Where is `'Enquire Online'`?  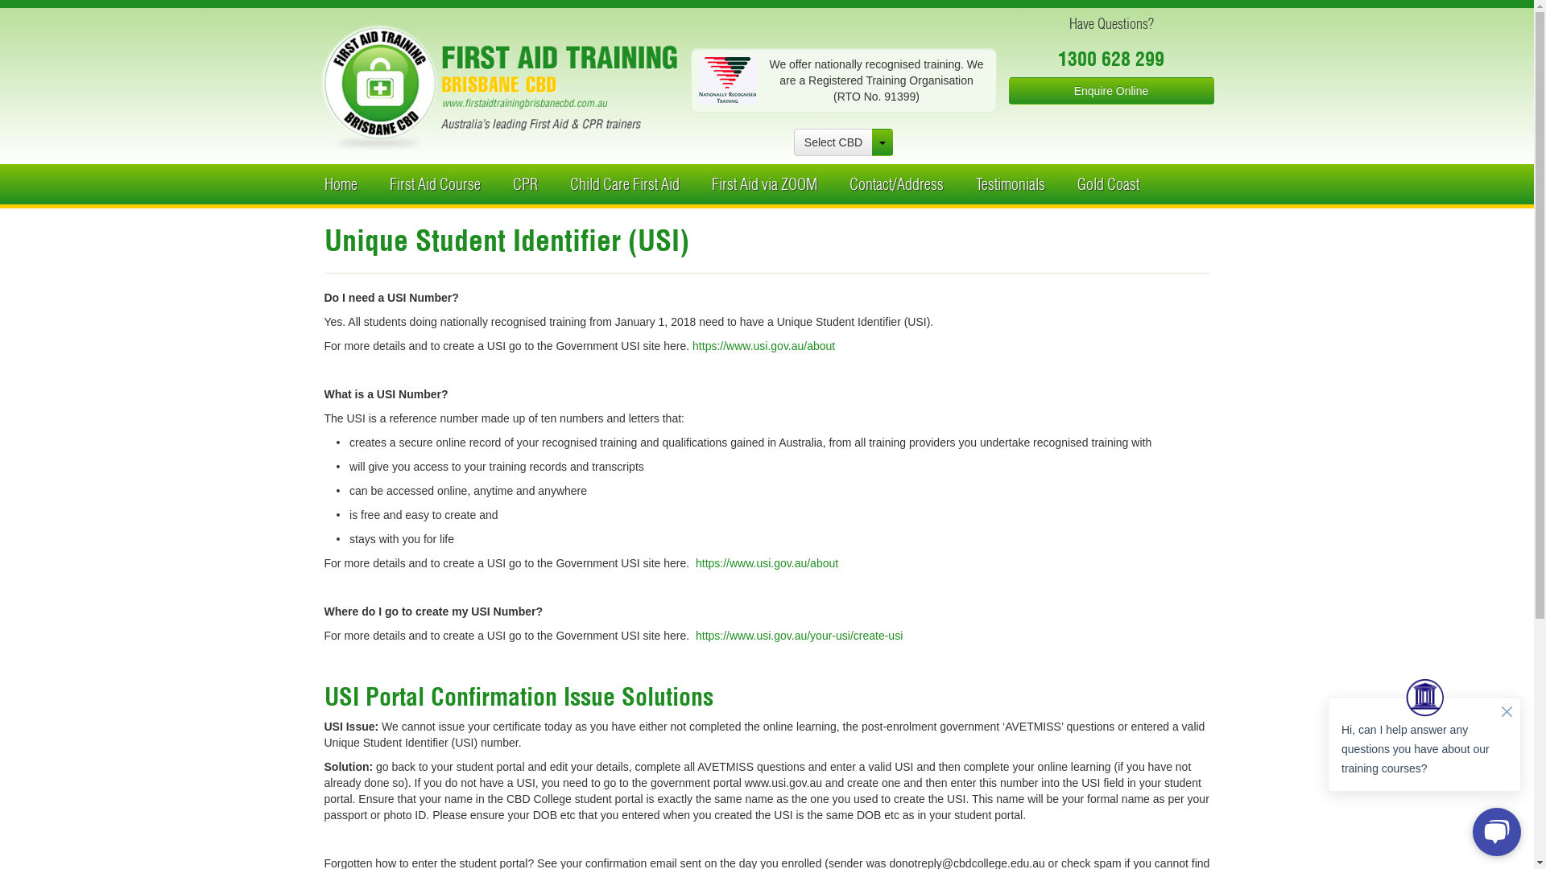 'Enquire Online' is located at coordinates (1110, 90).